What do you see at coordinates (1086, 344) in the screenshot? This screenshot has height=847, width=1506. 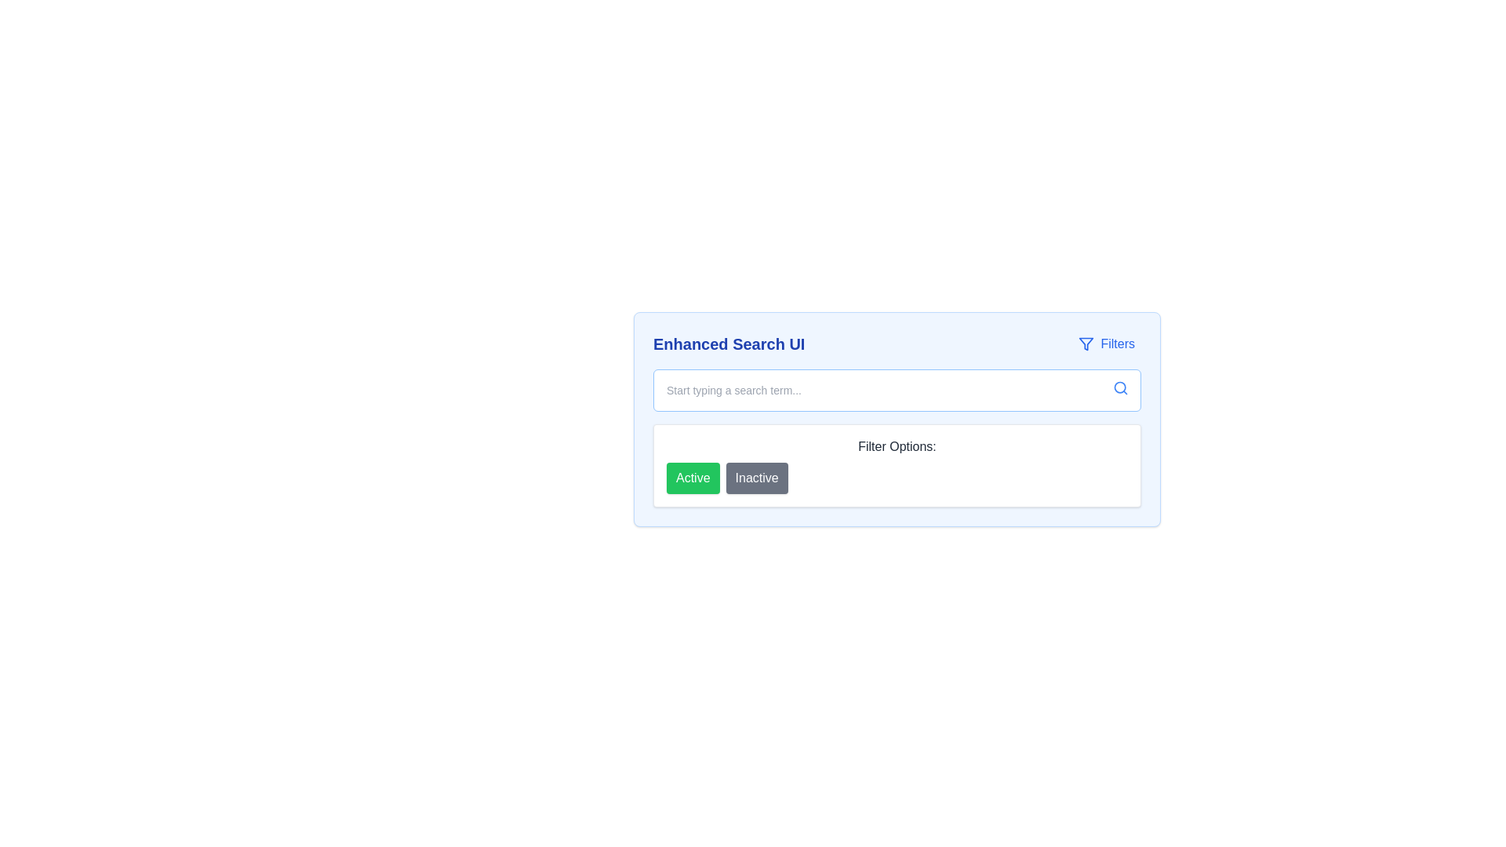 I see `the filter icon located in the top-right corner of the 'Enhanced Search UI' card` at bounding box center [1086, 344].